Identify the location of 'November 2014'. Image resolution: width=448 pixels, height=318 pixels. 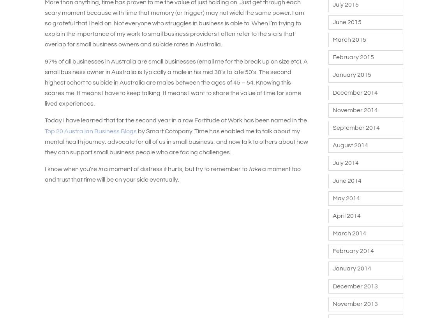
(355, 110).